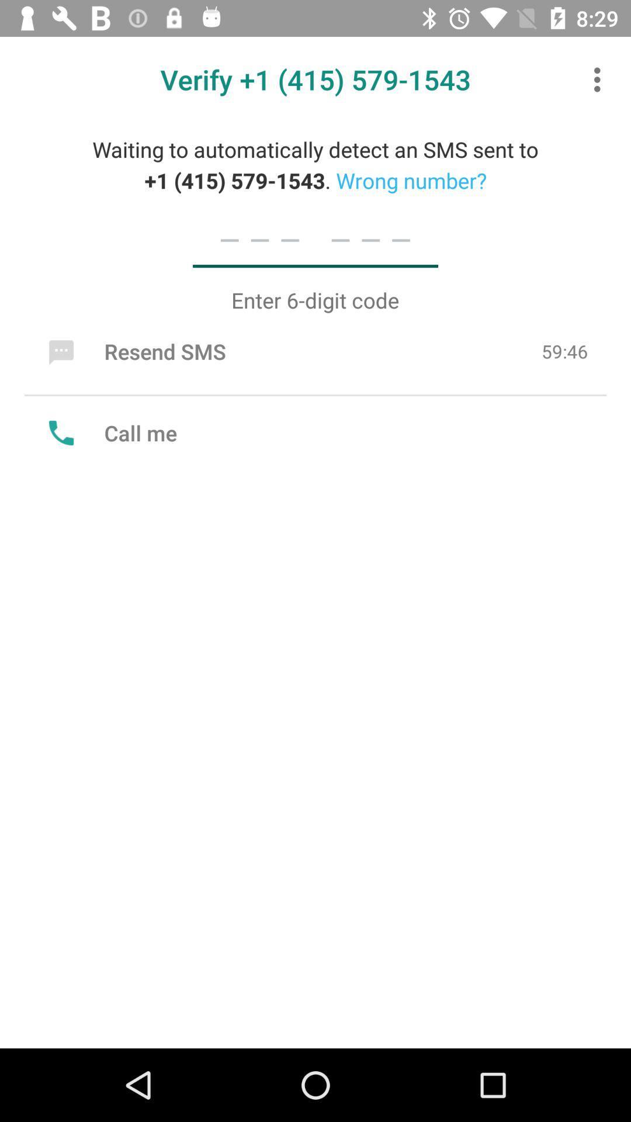 The image size is (631, 1122). Describe the element at coordinates (110, 432) in the screenshot. I see `icon on the left` at that location.